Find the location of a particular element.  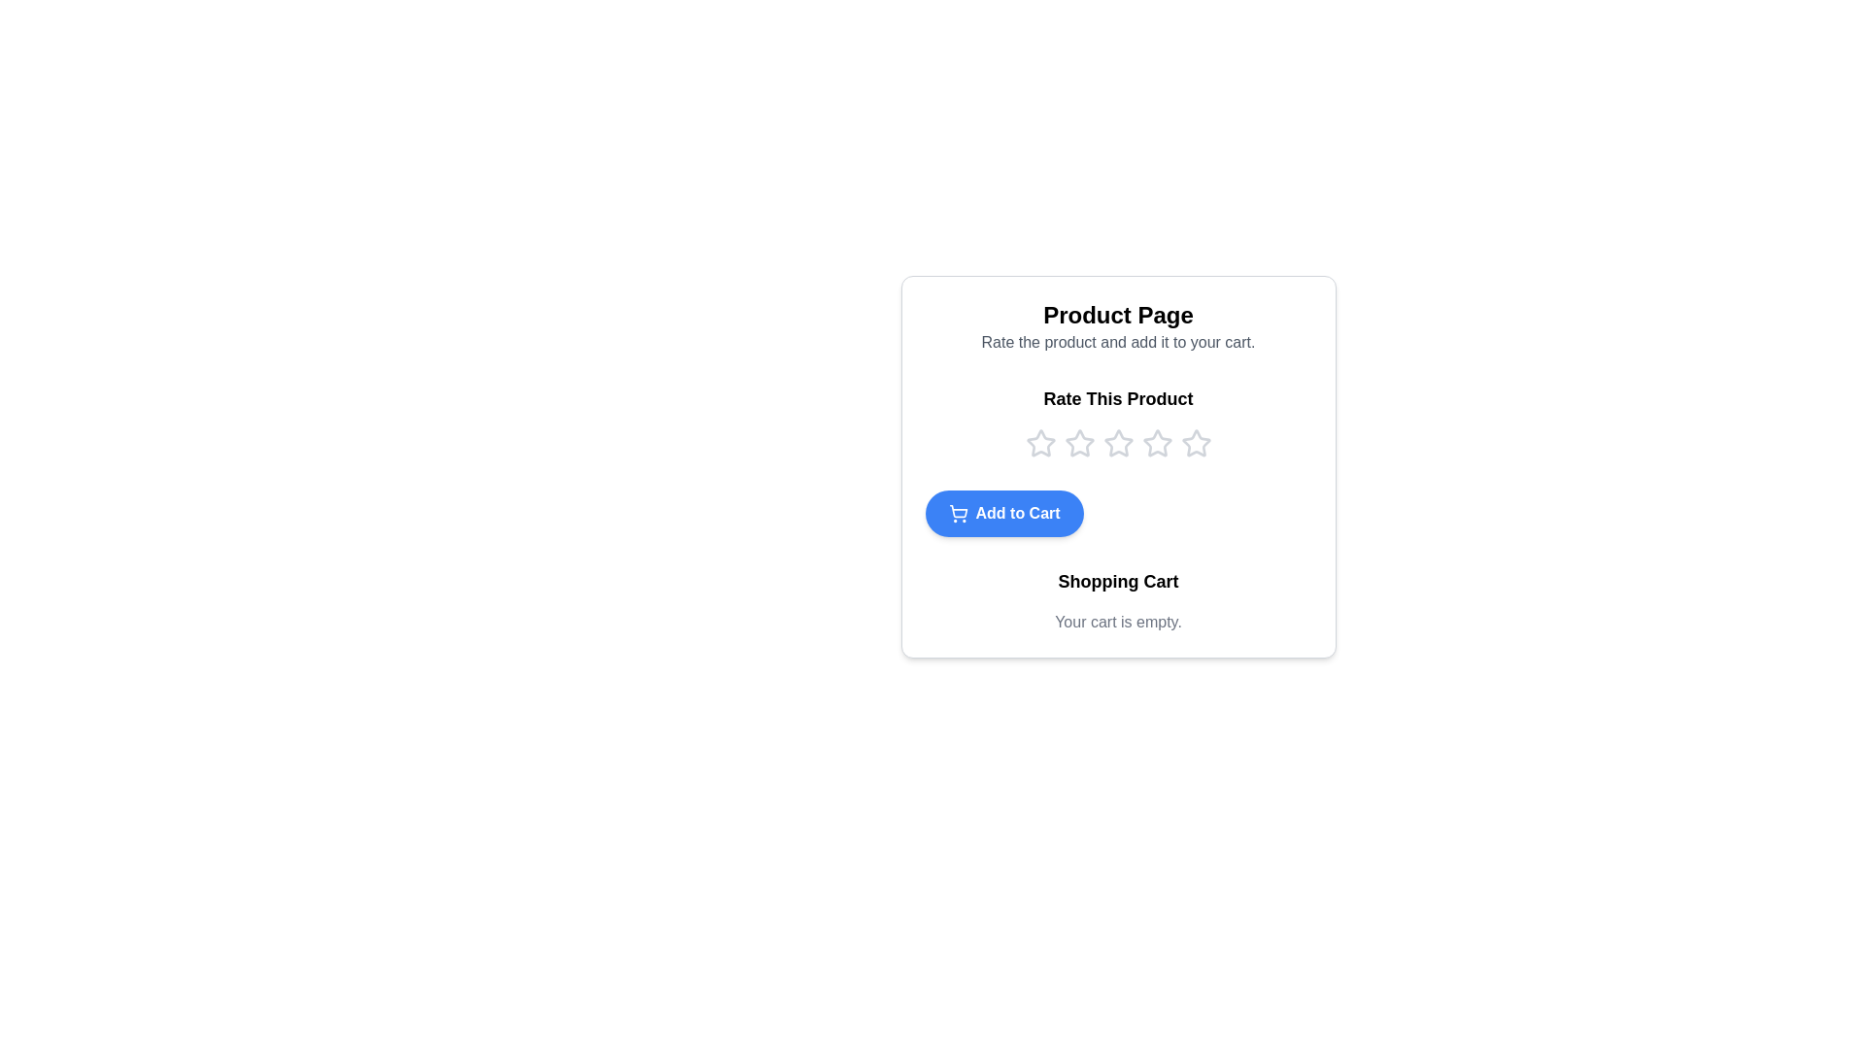

the fifth star icon in the 'Rate This Product' rating component is located at coordinates (1195, 443).